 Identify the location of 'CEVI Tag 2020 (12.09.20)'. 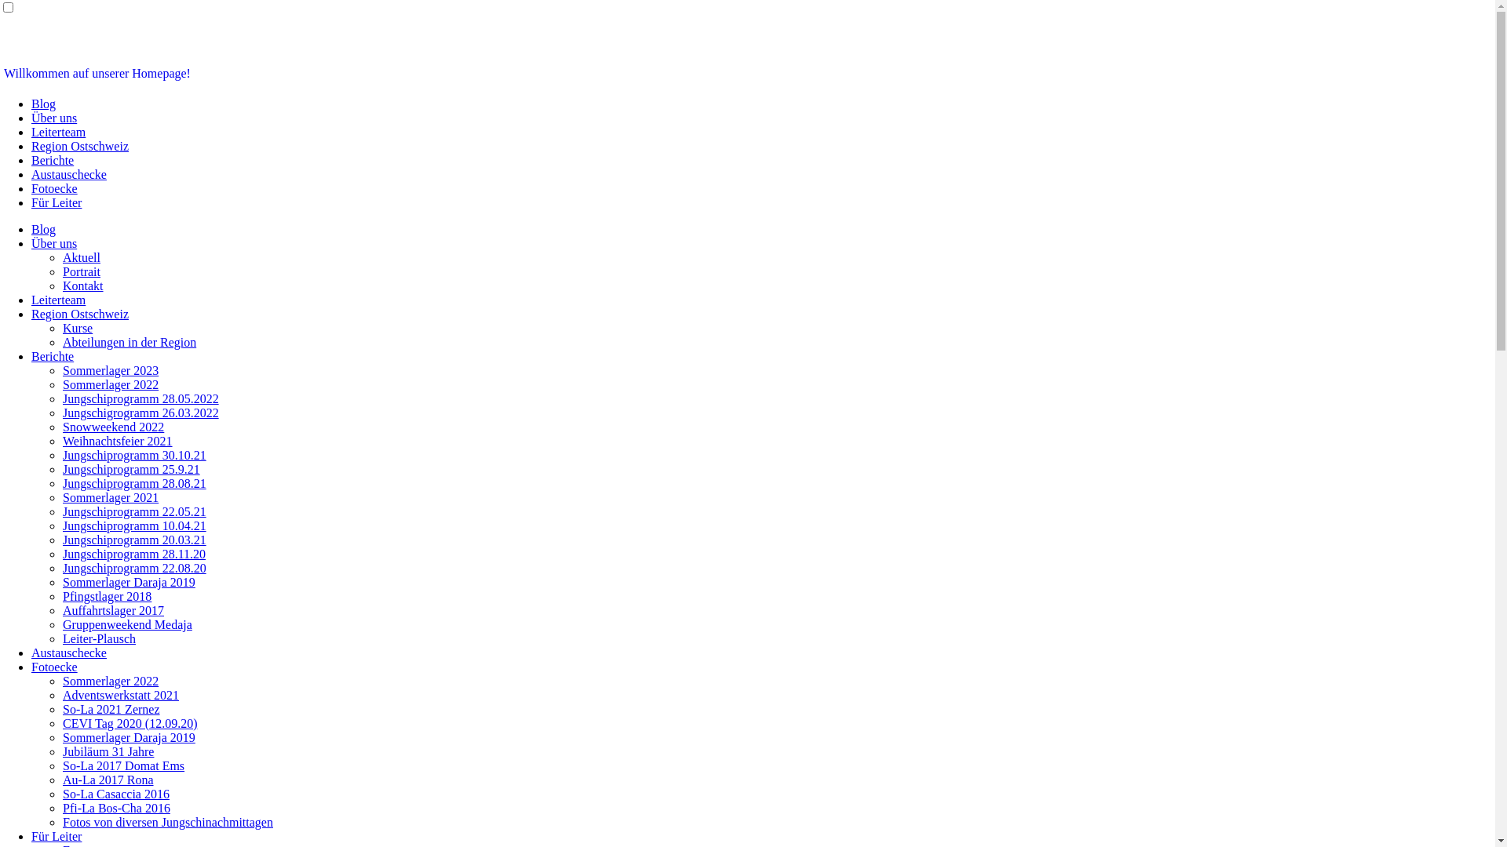
(130, 723).